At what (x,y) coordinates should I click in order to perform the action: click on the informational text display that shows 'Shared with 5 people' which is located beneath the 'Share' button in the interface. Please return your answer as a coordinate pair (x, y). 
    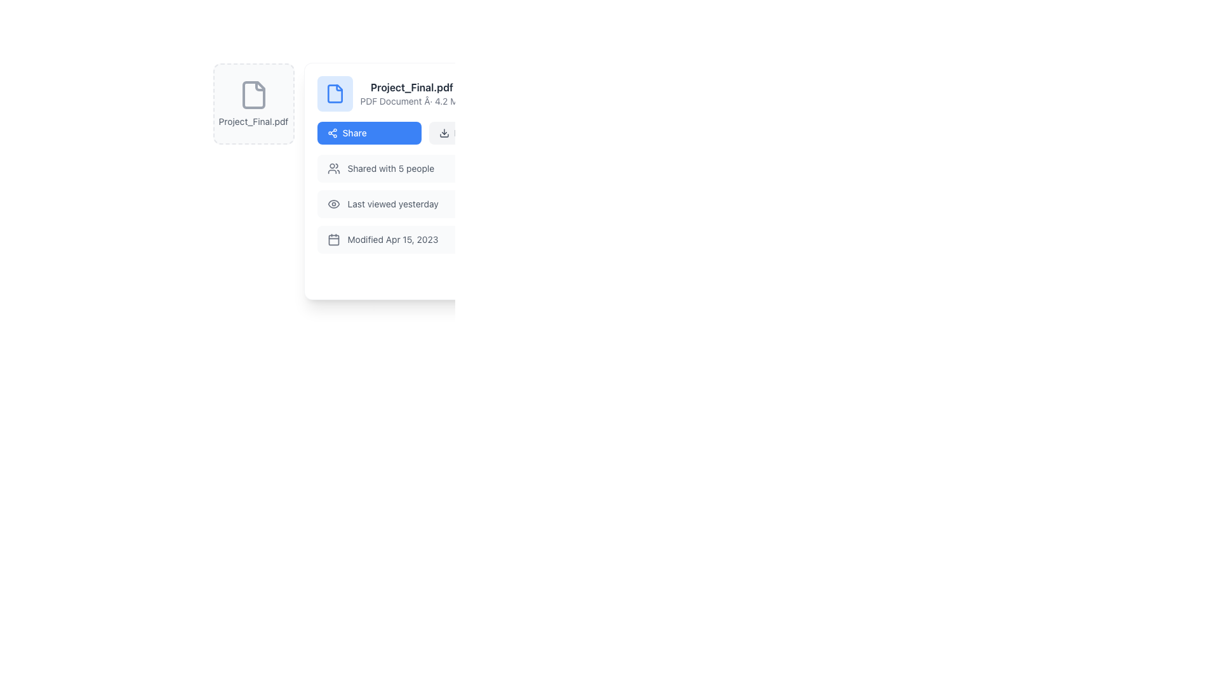
    Looking at the image, I should click on (425, 168).